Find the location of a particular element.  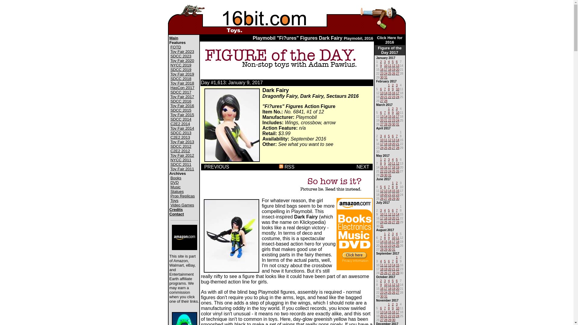

'28' is located at coordinates (397, 147).